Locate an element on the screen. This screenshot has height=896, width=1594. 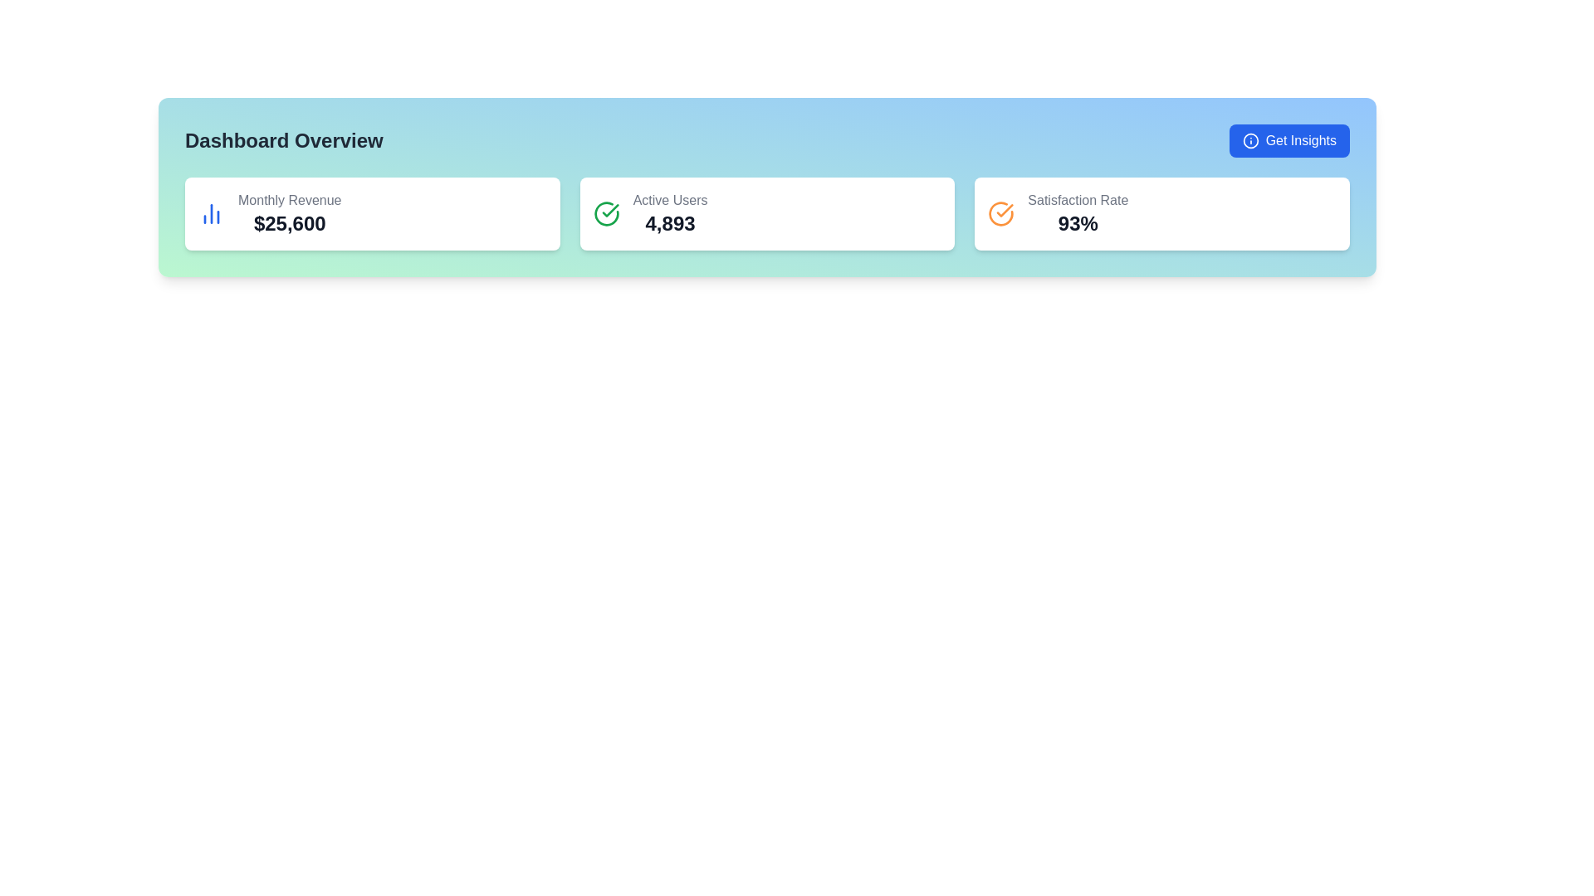
the positive indicator icon located to the left of the 'Satisfaction Rate' text and above the '93%' text in the dashboard overview is located at coordinates (1000, 213).